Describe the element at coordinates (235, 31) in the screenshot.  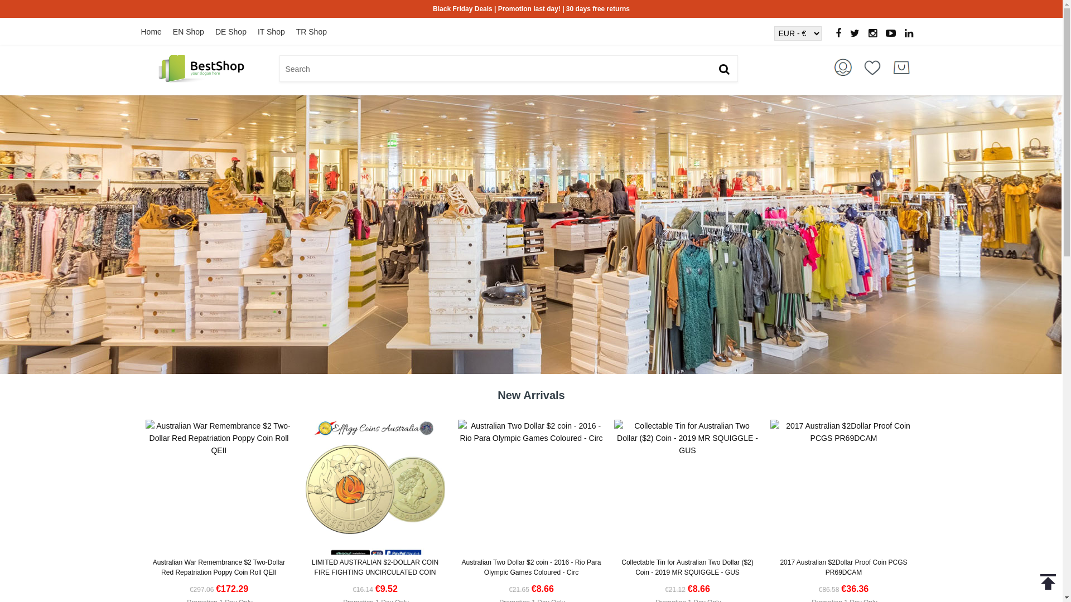
I see `'DE Shop'` at that location.